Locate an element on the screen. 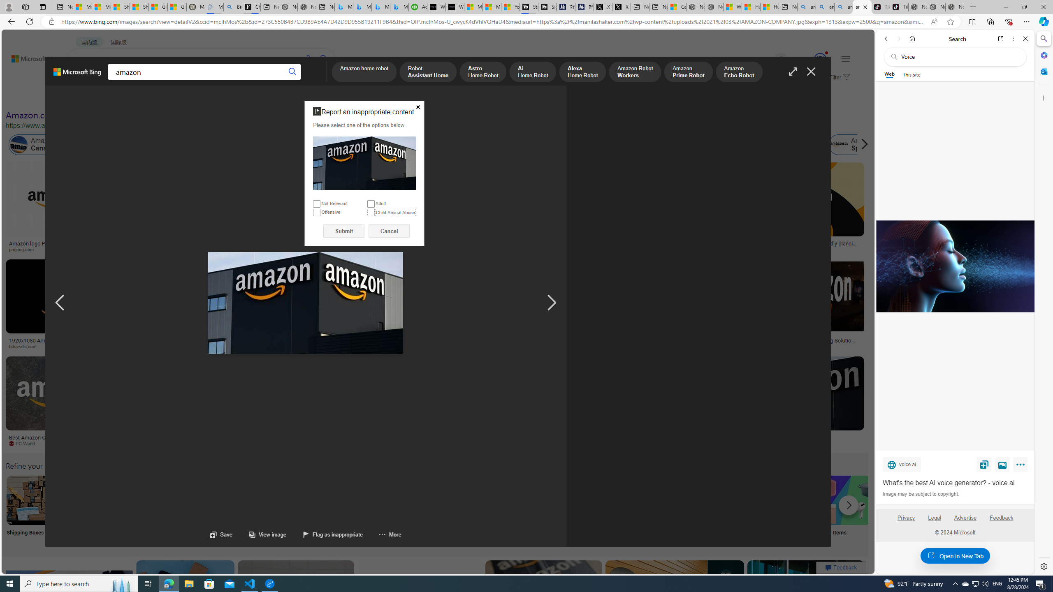 Image resolution: width=1053 pixels, height=592 pixels. 'usatoday.com' is located at coordinates (292, 249).